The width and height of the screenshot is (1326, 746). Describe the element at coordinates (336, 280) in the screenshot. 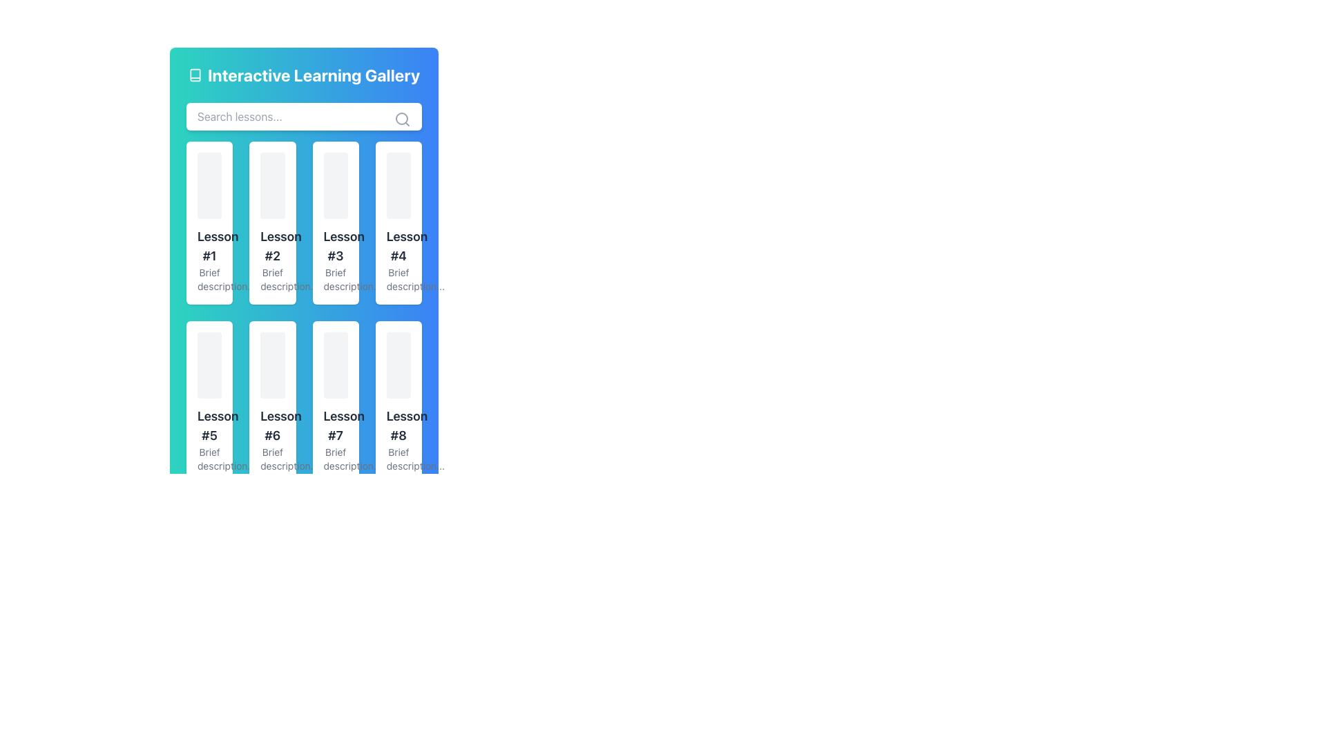

I see `the text label that provides a brief description for the lesson card titled 'Lesson #3', located beneath the heading within the card in the top-right corner of the grid under 'Interactive Learning Gallery'` at that location.